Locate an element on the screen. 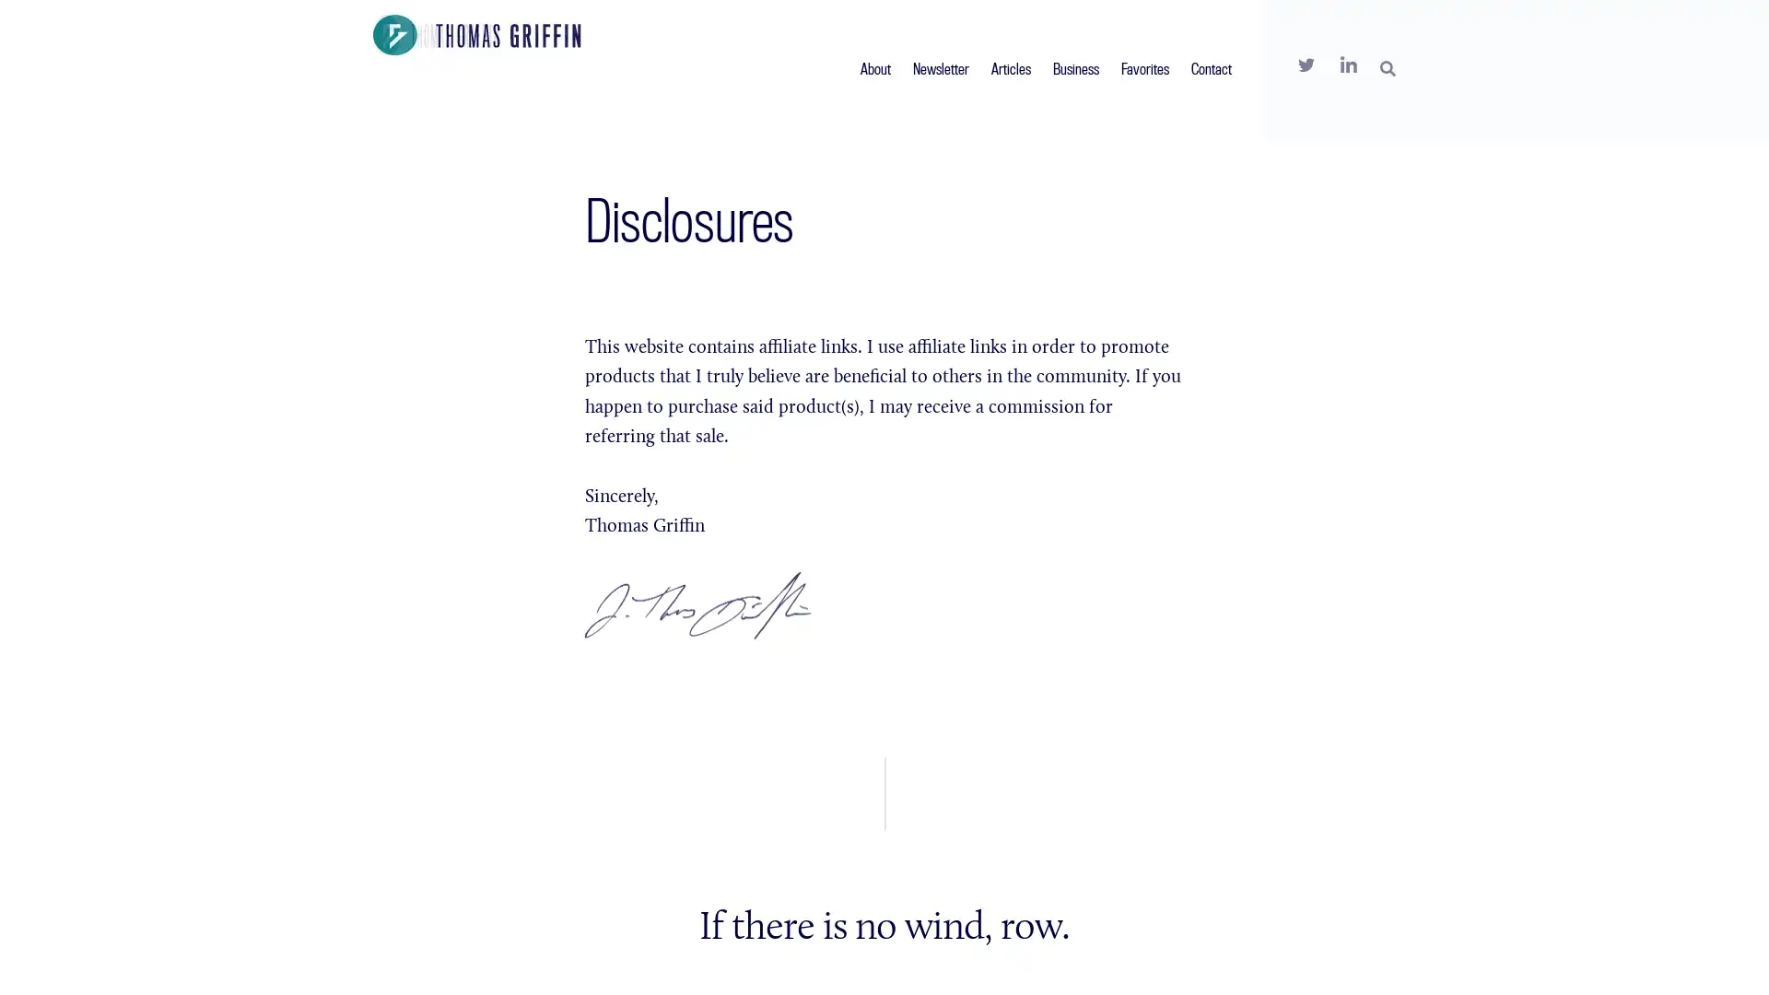 This screenshot has width=1769, height=995. SEARCH is located at coordinates (1388, 67).